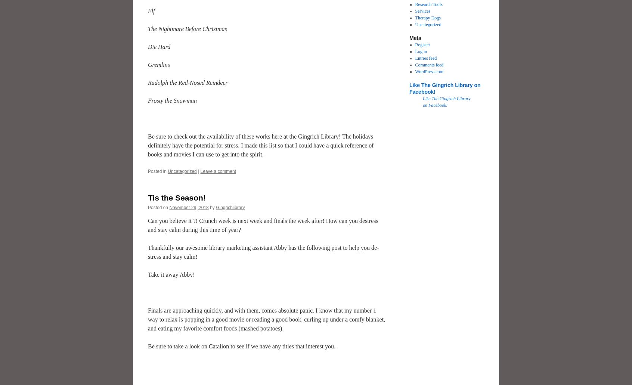 This screenshot has width=632, height=385. Describe the element at coordinates (266, 319) in the screenshot. I see `'Finals are approaching quickly, and with them, comes absolute panic. I know that my number 1 way to relax is popping in a good movie or reading a good book, curling up under a comfy blanket, and eating my favorite comfort foods (mashed potatoes).'` at that location.